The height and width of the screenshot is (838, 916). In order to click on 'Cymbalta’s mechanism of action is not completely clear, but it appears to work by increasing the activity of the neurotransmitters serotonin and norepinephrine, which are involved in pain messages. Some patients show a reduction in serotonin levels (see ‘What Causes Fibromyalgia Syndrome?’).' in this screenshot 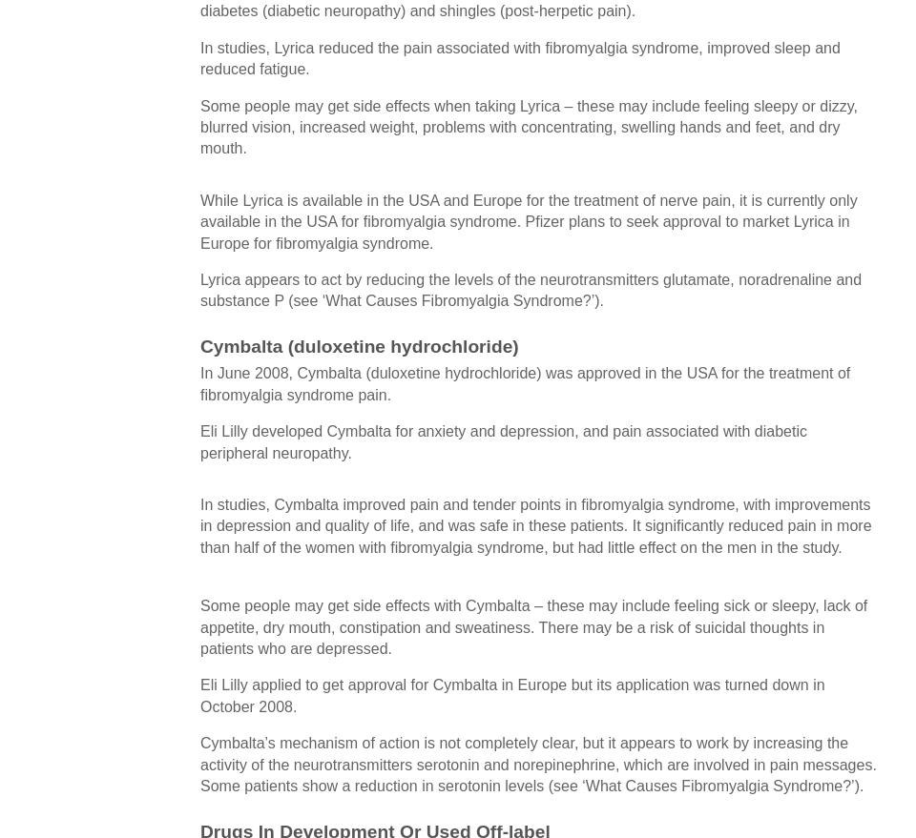, I will do `click(200, 763)`.